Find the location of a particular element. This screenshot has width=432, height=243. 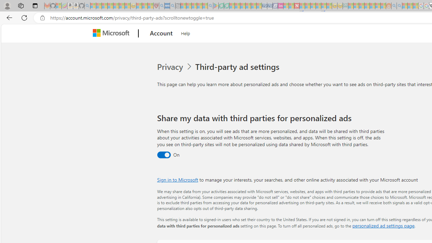

'Jobs - lastminute.com Investor Portal - Sleeping' is located at coordinates (280, 6).